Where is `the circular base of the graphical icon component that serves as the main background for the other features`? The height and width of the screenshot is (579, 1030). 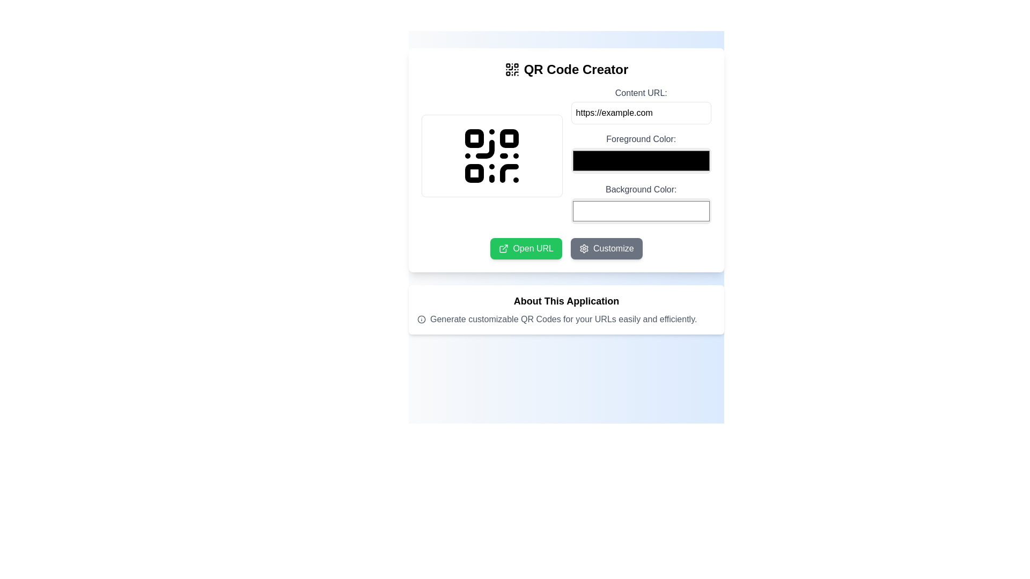
the circular base of the graphical icon component that serves as the main background for the other features is located at coordinates (421, 319).